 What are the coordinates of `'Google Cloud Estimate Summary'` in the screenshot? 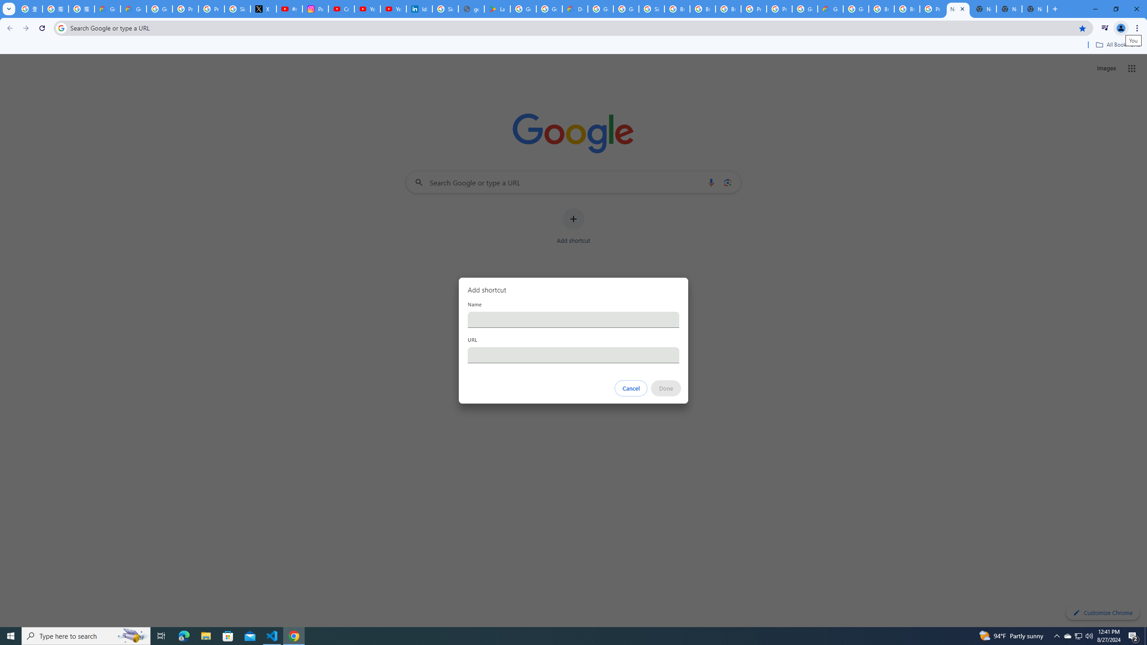 It's located at (830, 9).